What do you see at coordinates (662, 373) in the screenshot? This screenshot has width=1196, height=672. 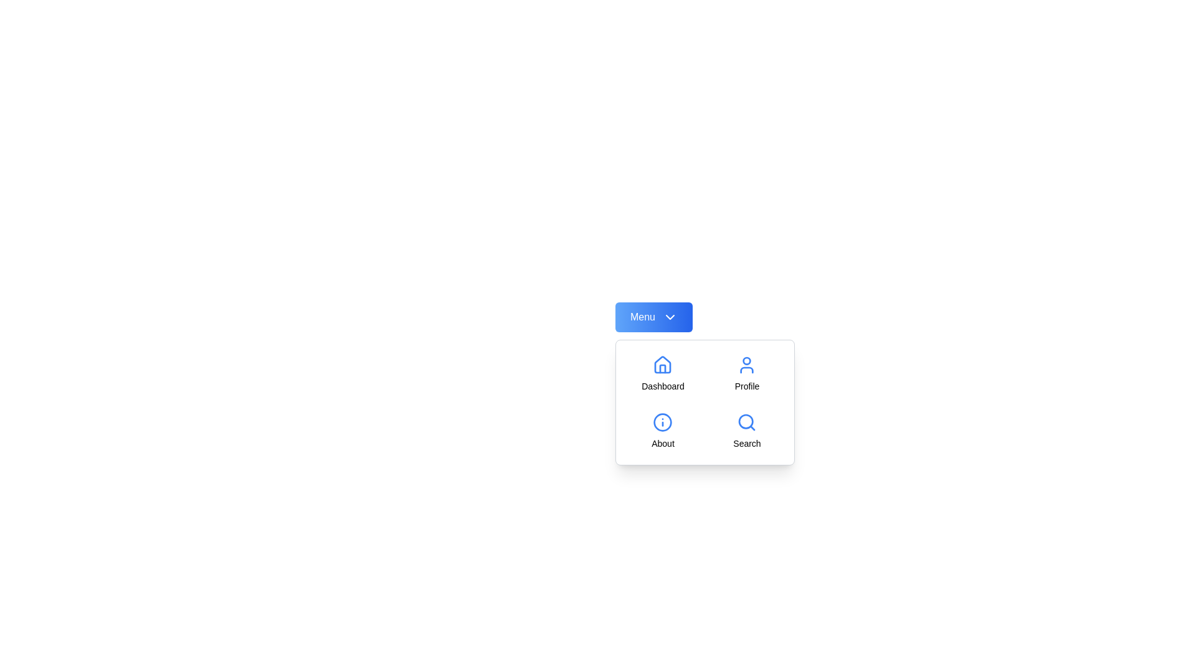 I see `the menu option Dashboard from the available options: Dashboard, Profile, About, Search` at bounding box center [662, 373].